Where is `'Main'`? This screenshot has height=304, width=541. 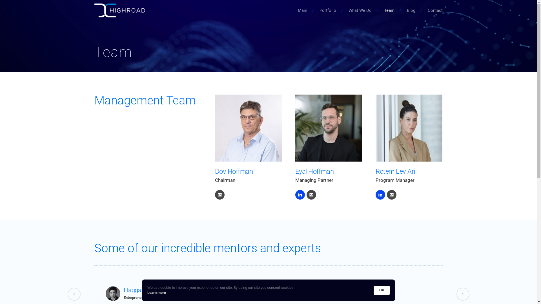
'Main' is located at coordinates (297, 10).